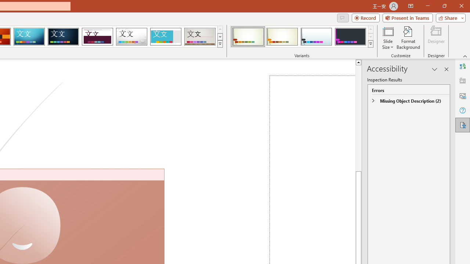 The width and height of the screenshot is (470, 264). What do you see at coordinates (220, 44) in the screenshot?
I see `'Themes'` at bounding box center [220, 44].